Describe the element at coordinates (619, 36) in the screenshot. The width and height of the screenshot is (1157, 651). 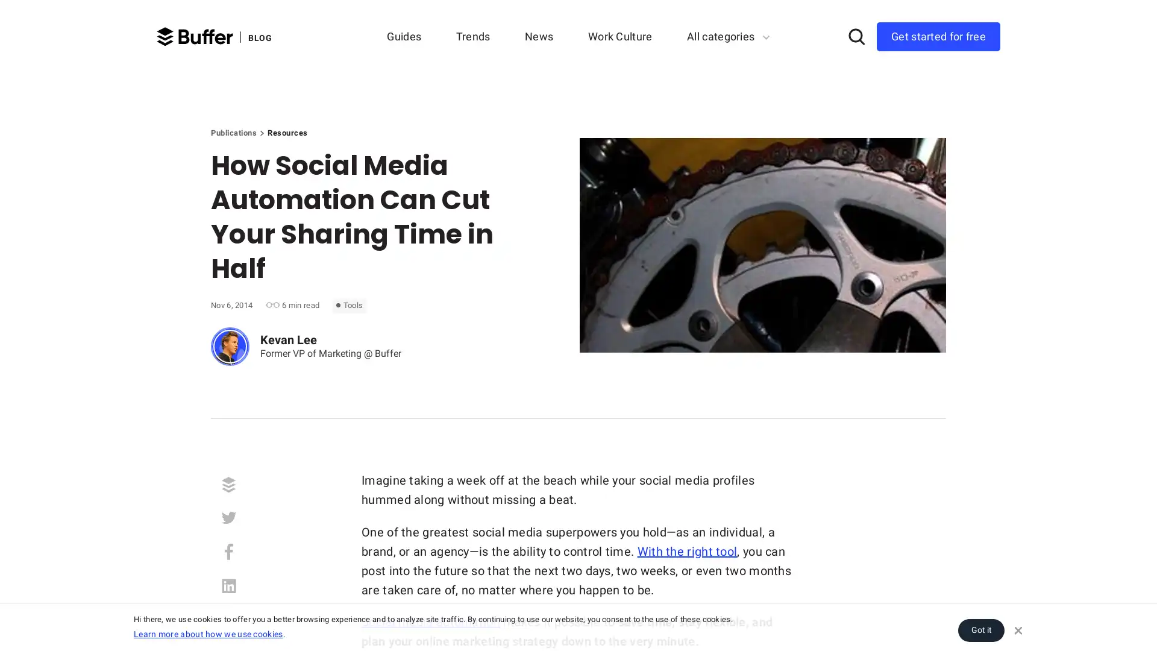
I see `Work Culture` at that location.